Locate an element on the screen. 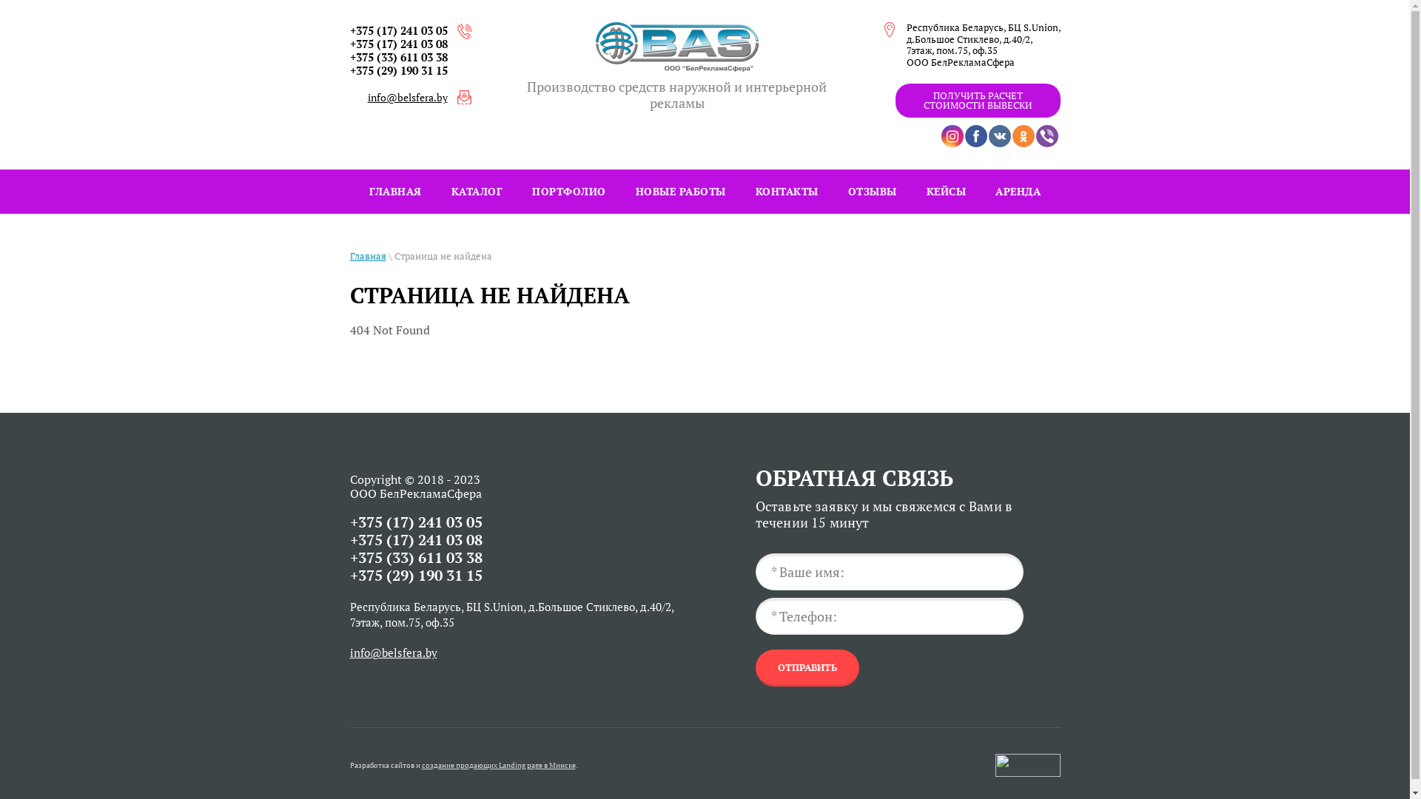 The height and width of the screenshot is (799, 1421). '+375 (17) 241 03 05' is located at coordinates (414, 521).